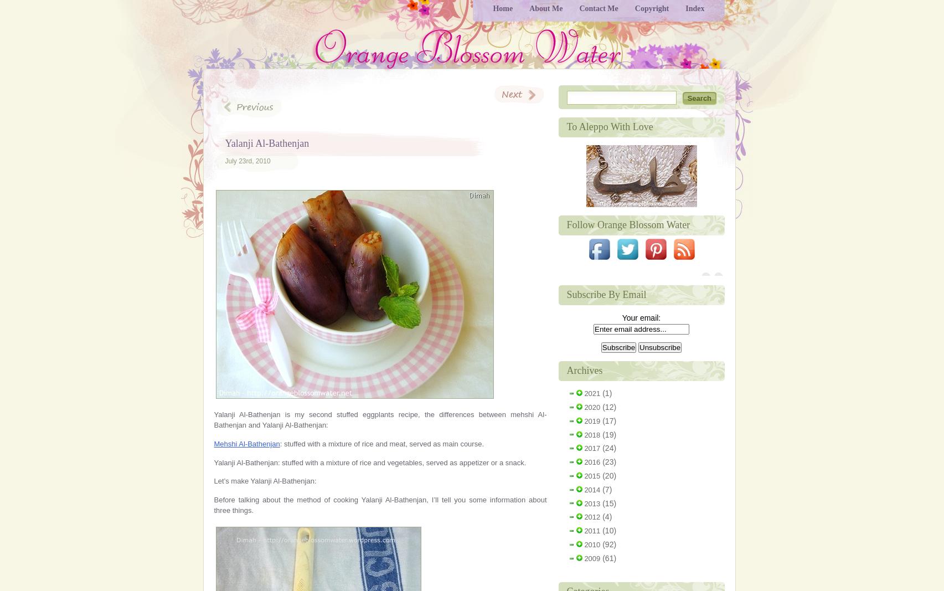 The height and width of the screenshot is (591, 944). What do you see at coordinates (607, 405) in the screenshot?
I see `'(12)'` at bounding box center [607, 405].